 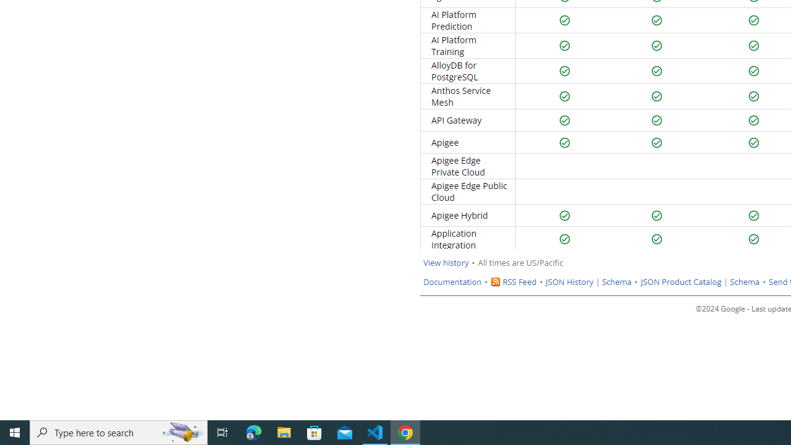 What do you see at coordinates (452, 282) in the screenshot?
I see `'Documentation'` at bounding box center [452, 282].